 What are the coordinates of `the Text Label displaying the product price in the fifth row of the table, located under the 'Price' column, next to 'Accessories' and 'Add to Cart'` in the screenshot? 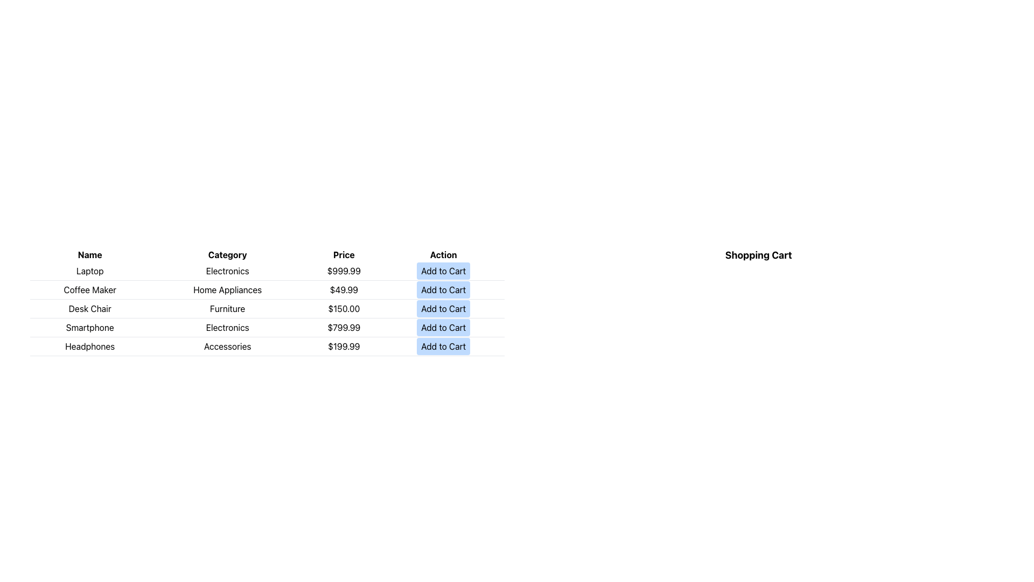 It's located at (343, 347).